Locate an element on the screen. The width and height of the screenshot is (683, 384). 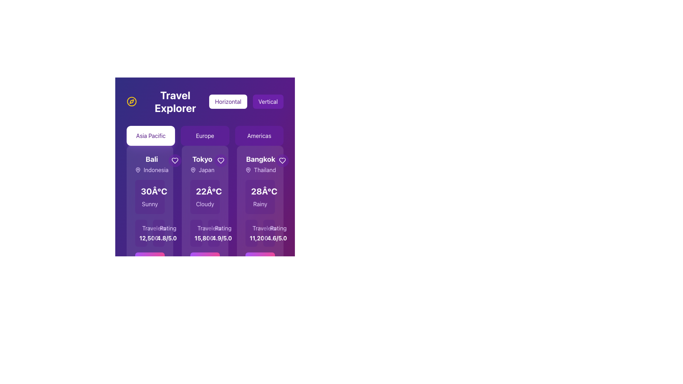
the 'Travelers' text label with a purple shade and user icon, located near the top of the second card in the travel information interface is located at coordinates (196, 228).